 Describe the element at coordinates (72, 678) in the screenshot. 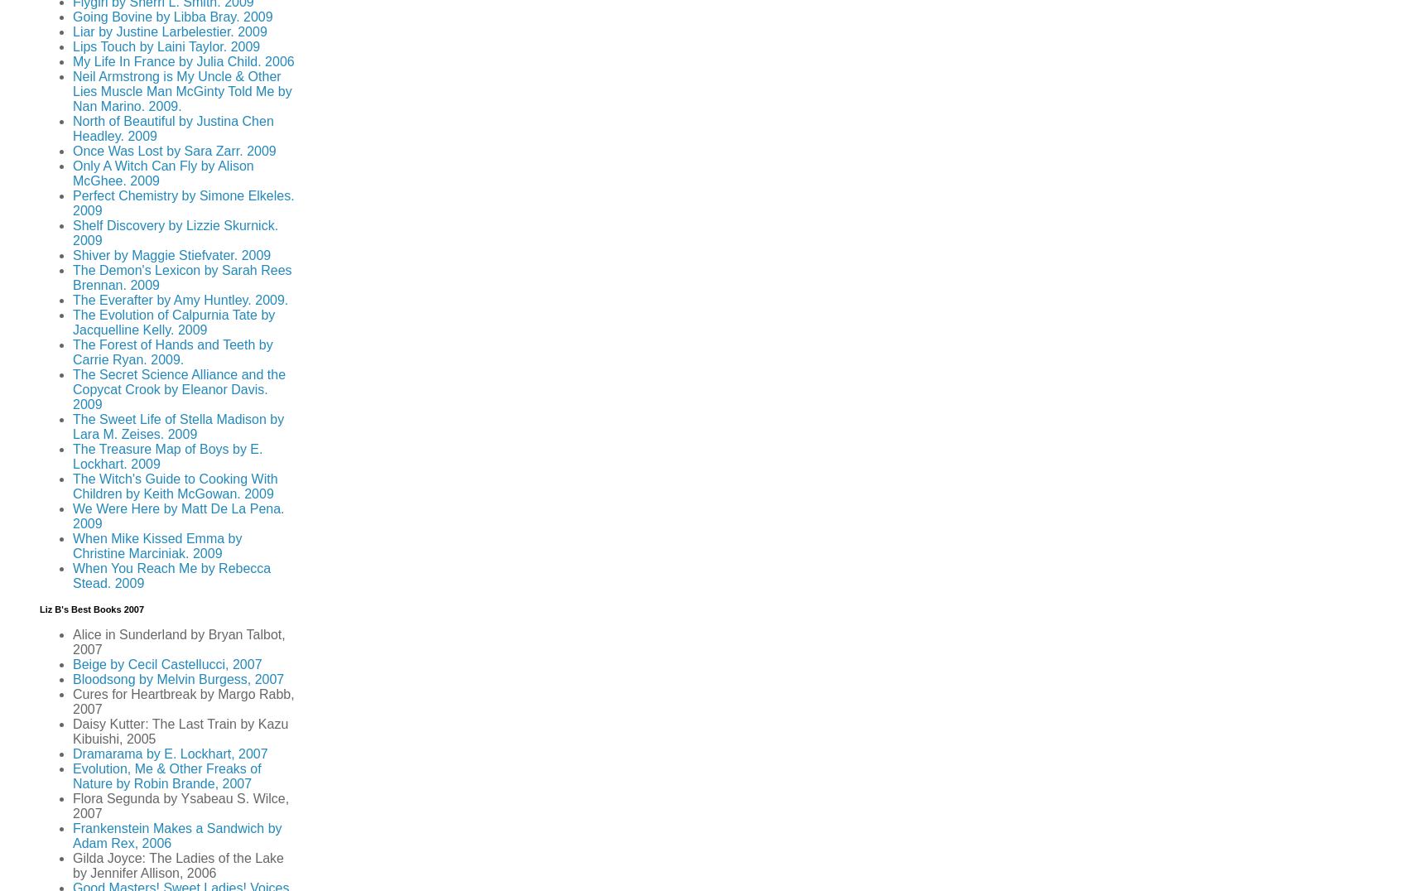

I see `'Bloodsong by Melvin Burgess, 2007'` at that location.